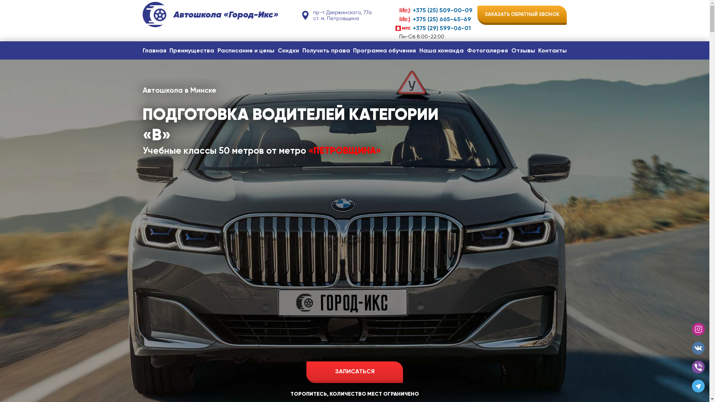  What do you see at coordinates (434, 19) in the screenshot?
I see `'+375 (25) 665-45-69'` at bounding box center [434, 19].